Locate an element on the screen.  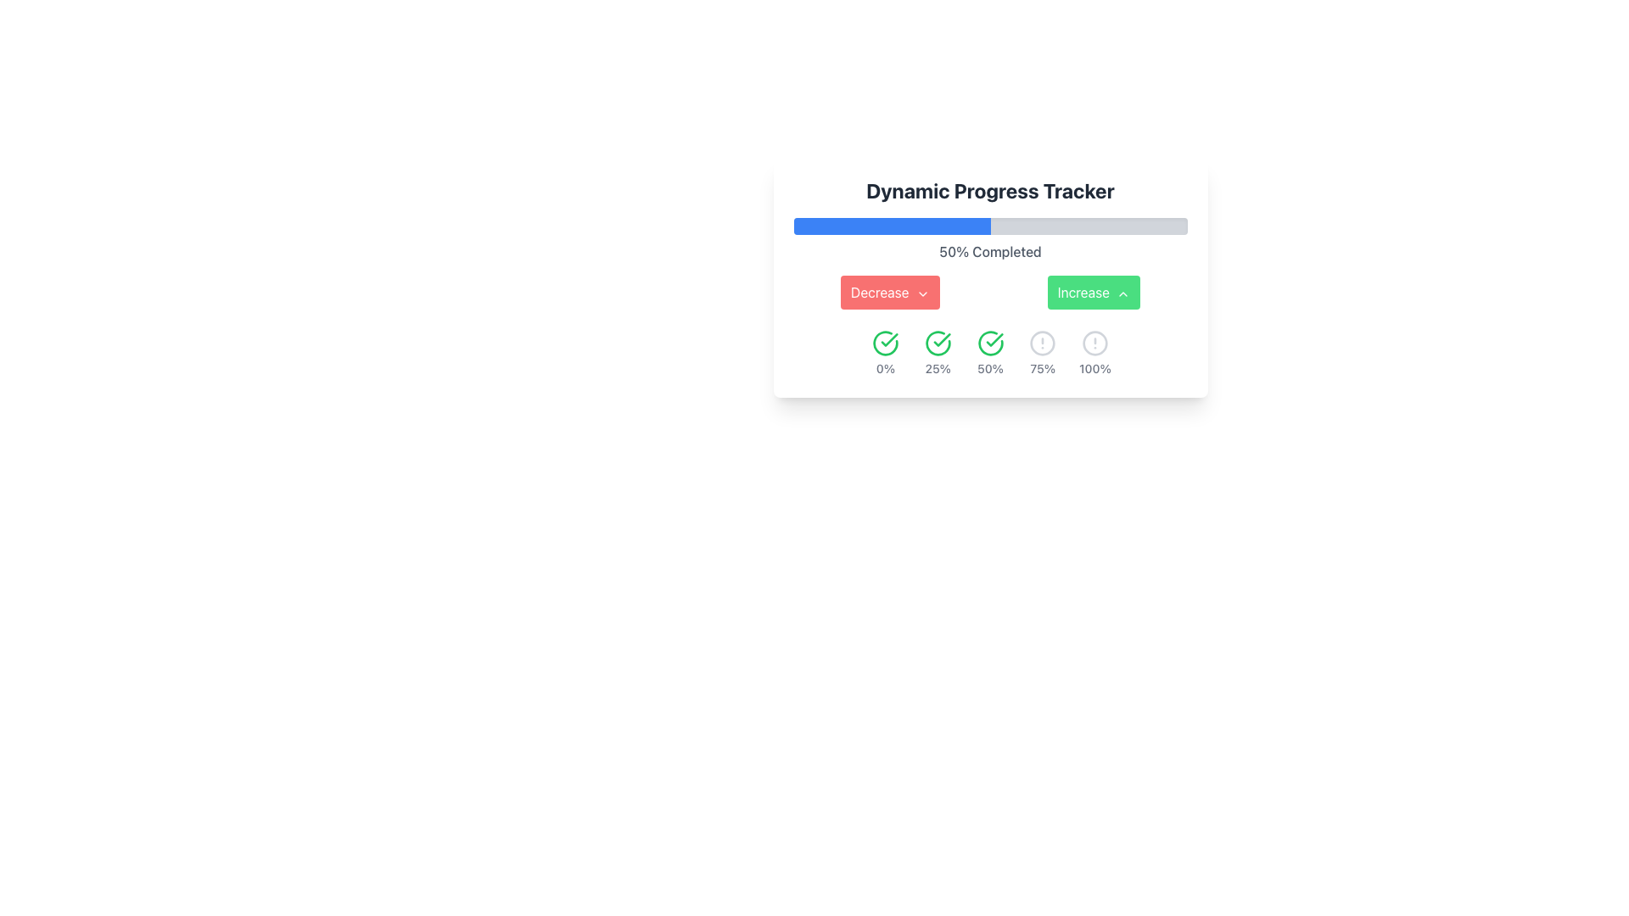
the static text label that denotes the 100% mark in the progress tracking system, located beneath a circular alert icon is located at coordinates (1095, 368).